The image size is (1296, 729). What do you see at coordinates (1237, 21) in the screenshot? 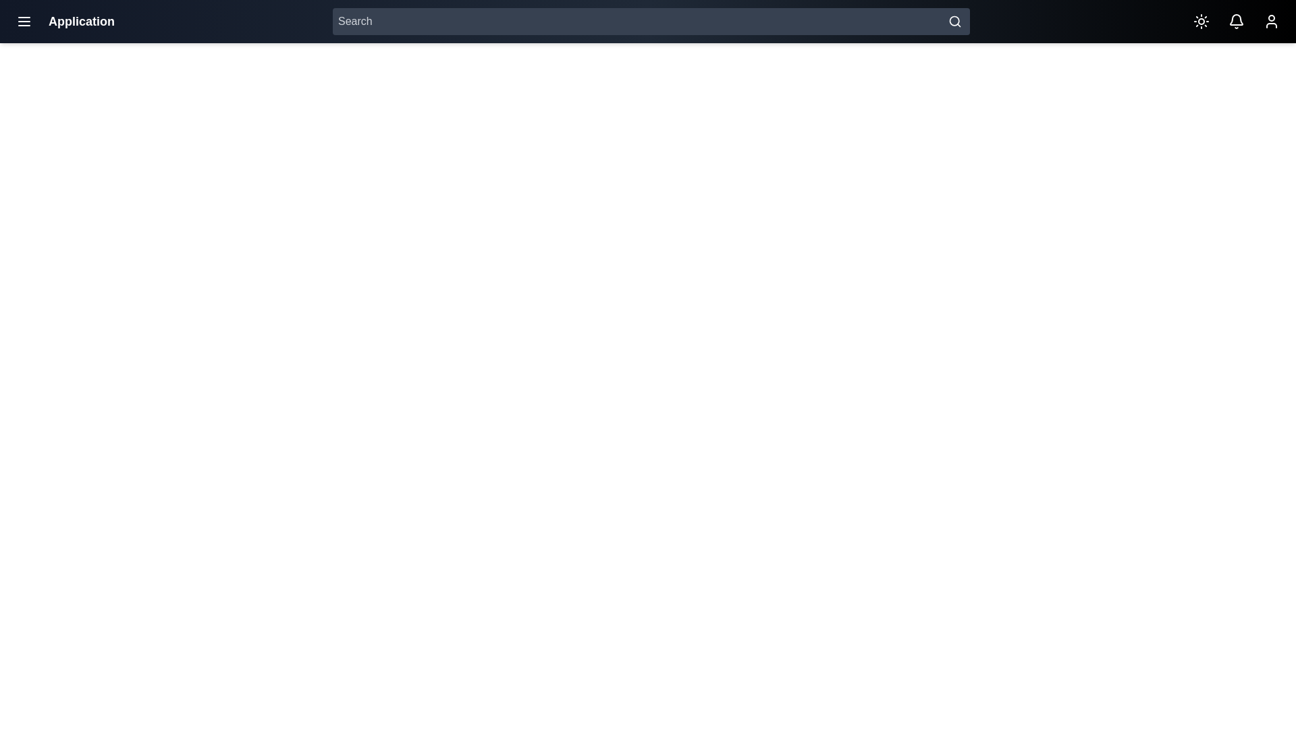
I see `bell icon to open the notifications panel` at bounding box center [1237, 21].